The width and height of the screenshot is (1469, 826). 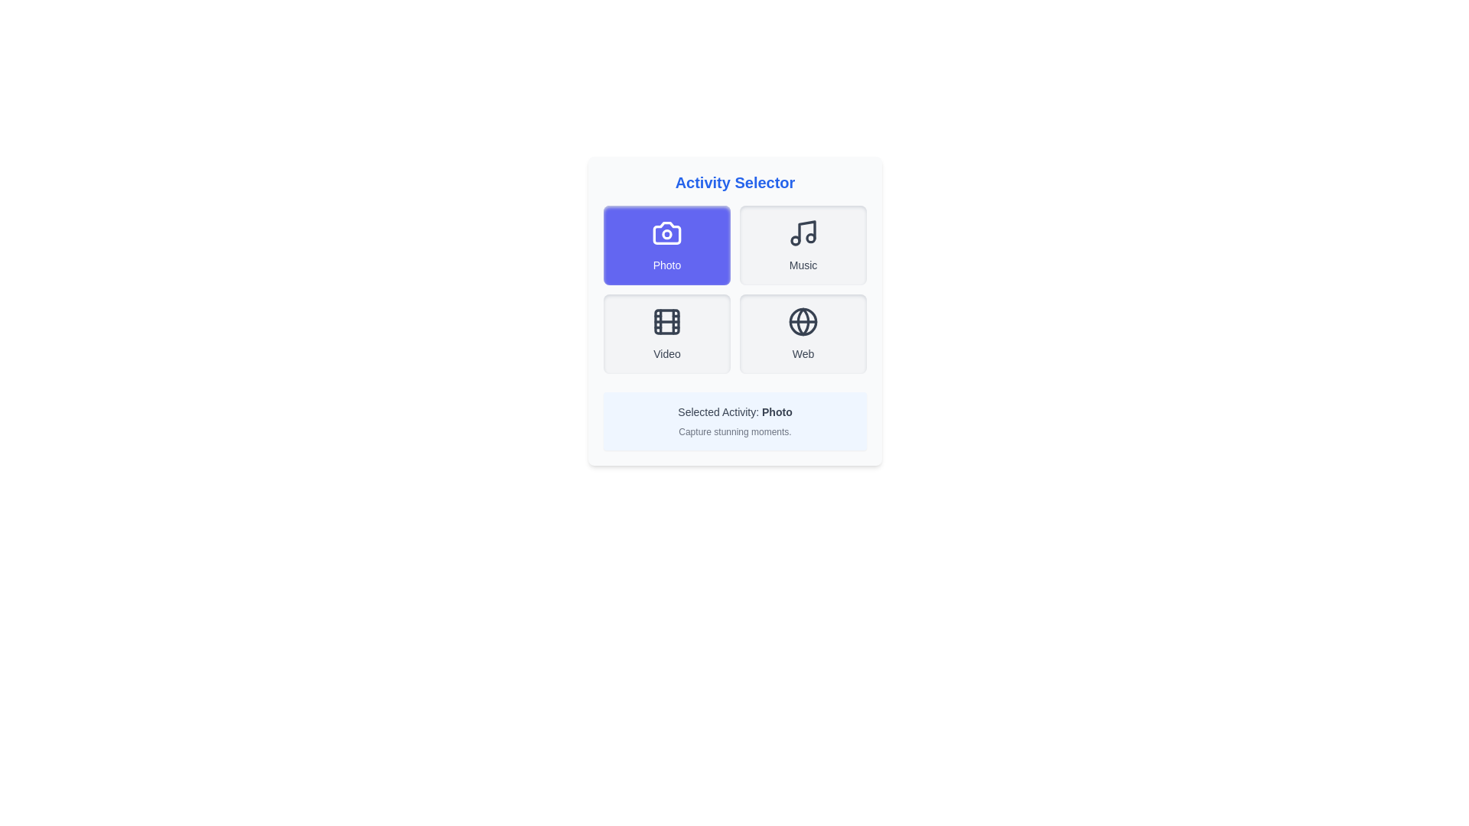 What do you see at coordinates (803, 233) in the screenshot?
I see `the minimalist music note icon located above the 'Music' label in the top-right quadrant of the interface` at bounding box center [803, 233].